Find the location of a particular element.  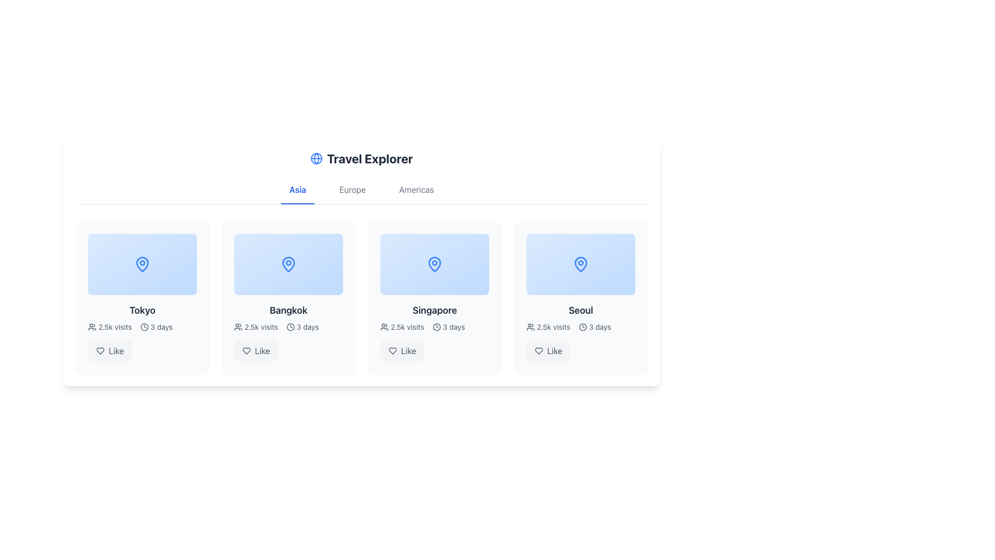

the clock icon located to the left of the '3 days' text in the card component for 'Seoul' is located at coordinates (582, 327).